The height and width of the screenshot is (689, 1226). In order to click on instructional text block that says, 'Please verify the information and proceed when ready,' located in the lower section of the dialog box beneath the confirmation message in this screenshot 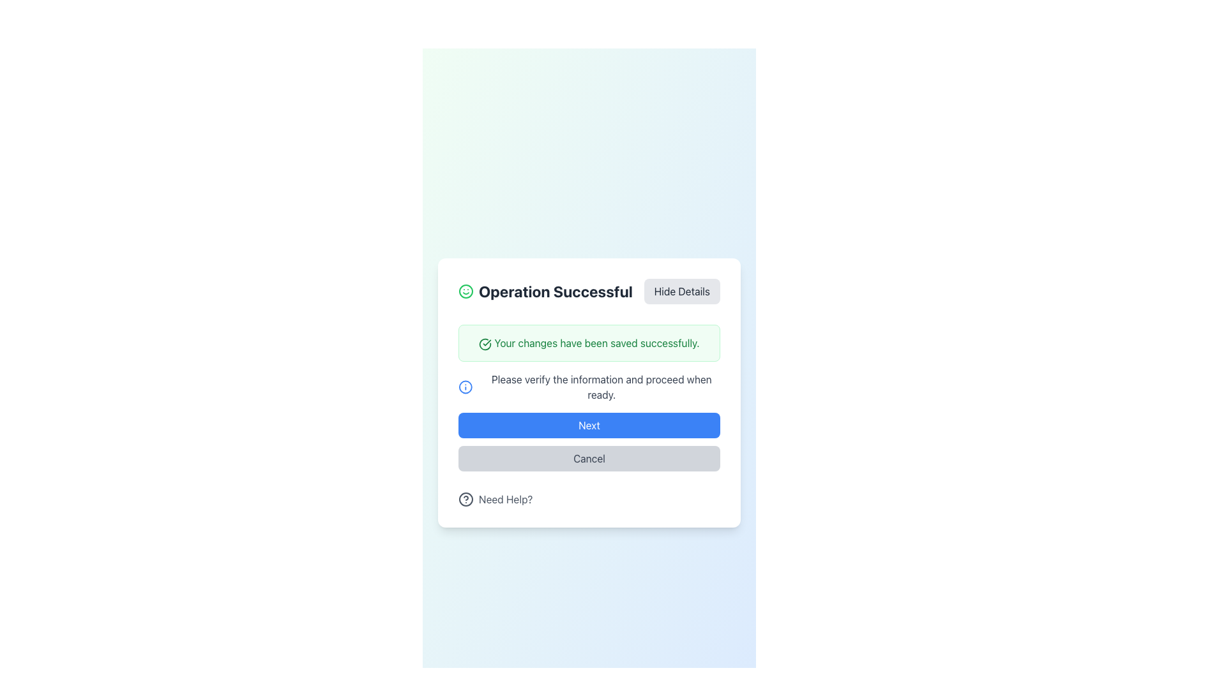, I will do `click(601, 386)`.